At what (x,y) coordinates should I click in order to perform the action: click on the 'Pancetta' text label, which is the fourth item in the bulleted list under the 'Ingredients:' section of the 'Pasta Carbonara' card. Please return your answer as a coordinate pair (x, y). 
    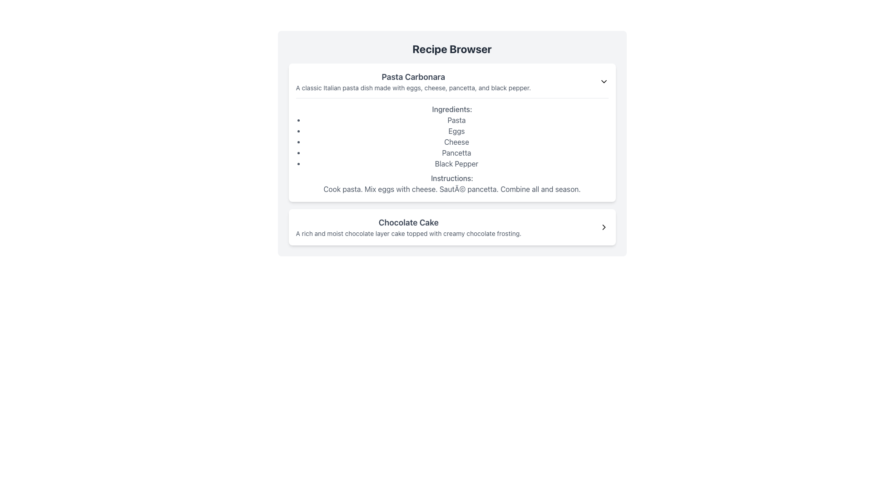
    Looking at the image, I should click on (456, 152).